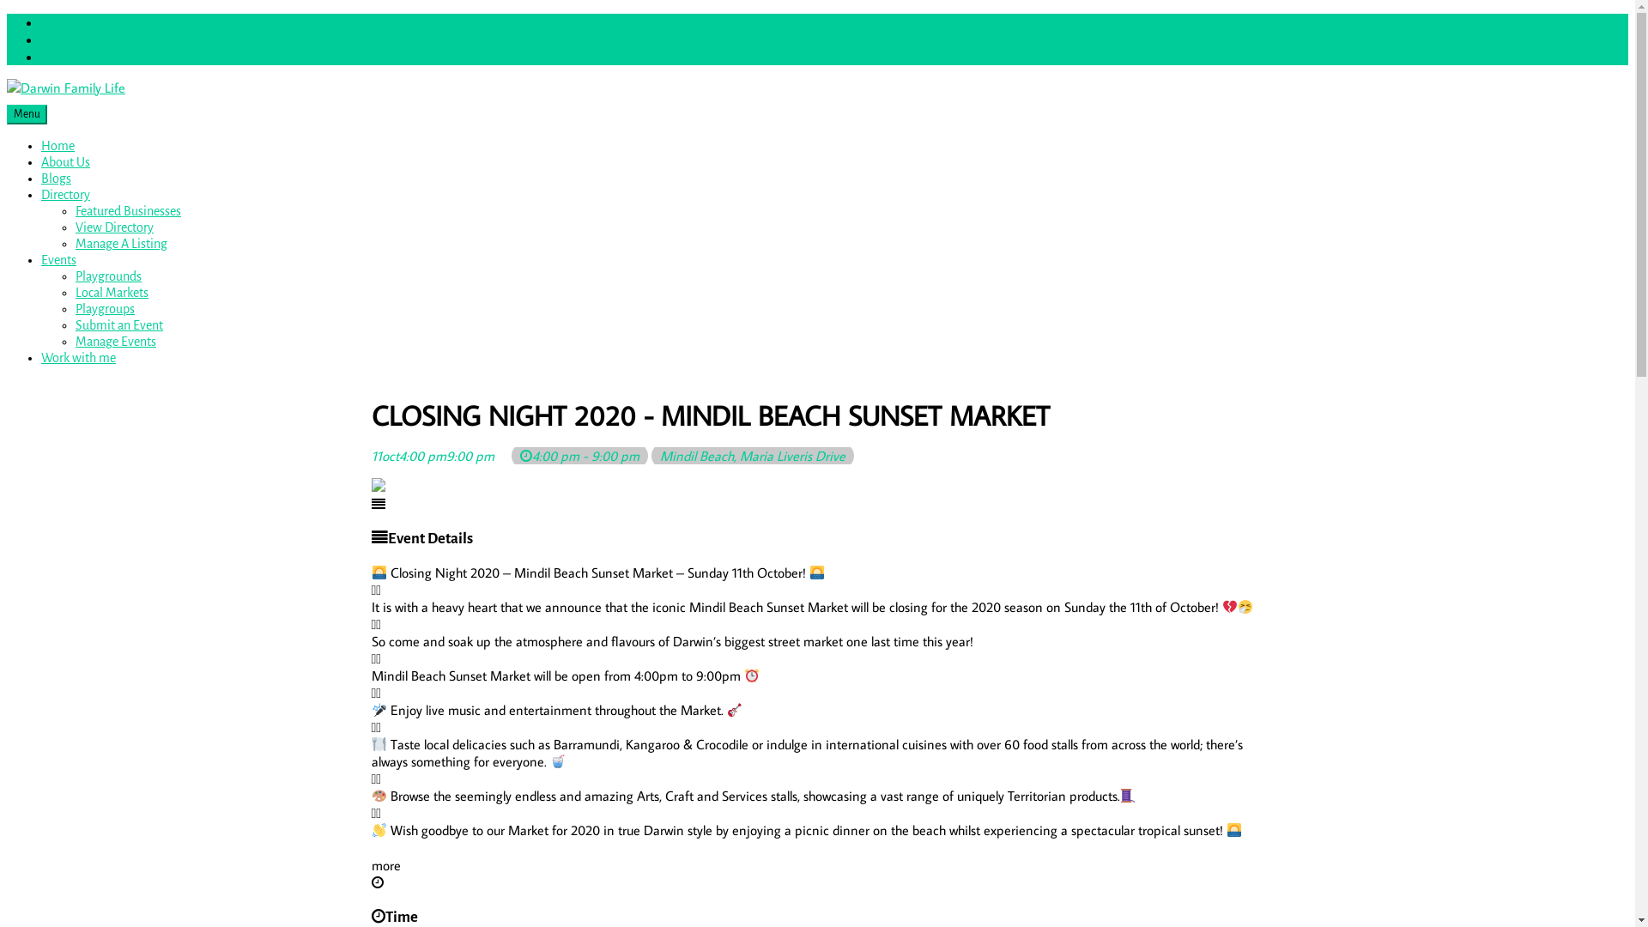 Image resolution: width=1648 pixels, height=927 pixels. What do you see at coordinates (118, 324) in the screenshot?
I see `'Submit an Event'` at bounding box center [118, 324].